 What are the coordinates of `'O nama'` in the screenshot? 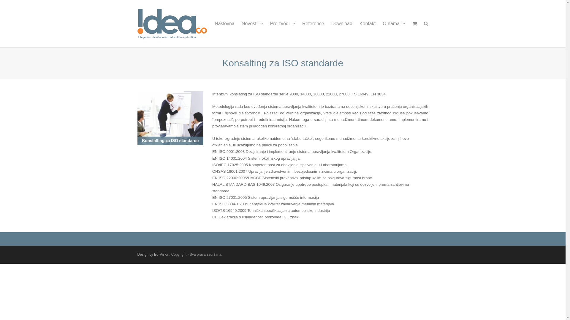 It's located at (394, 23).